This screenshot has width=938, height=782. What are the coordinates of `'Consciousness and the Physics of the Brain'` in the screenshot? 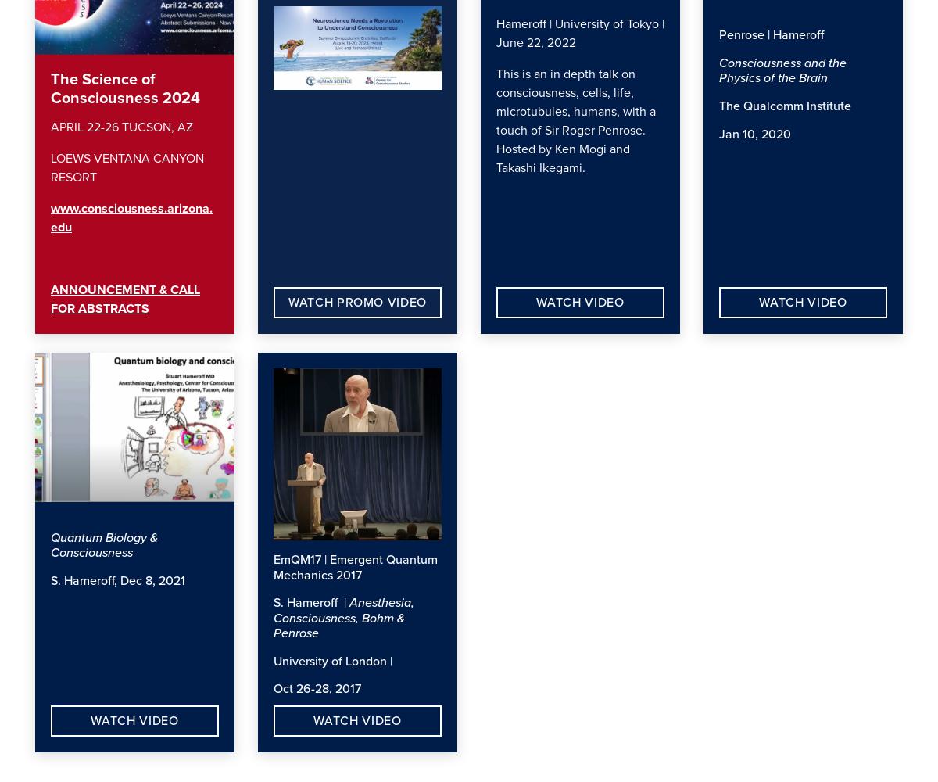 It's located at (719, 69).